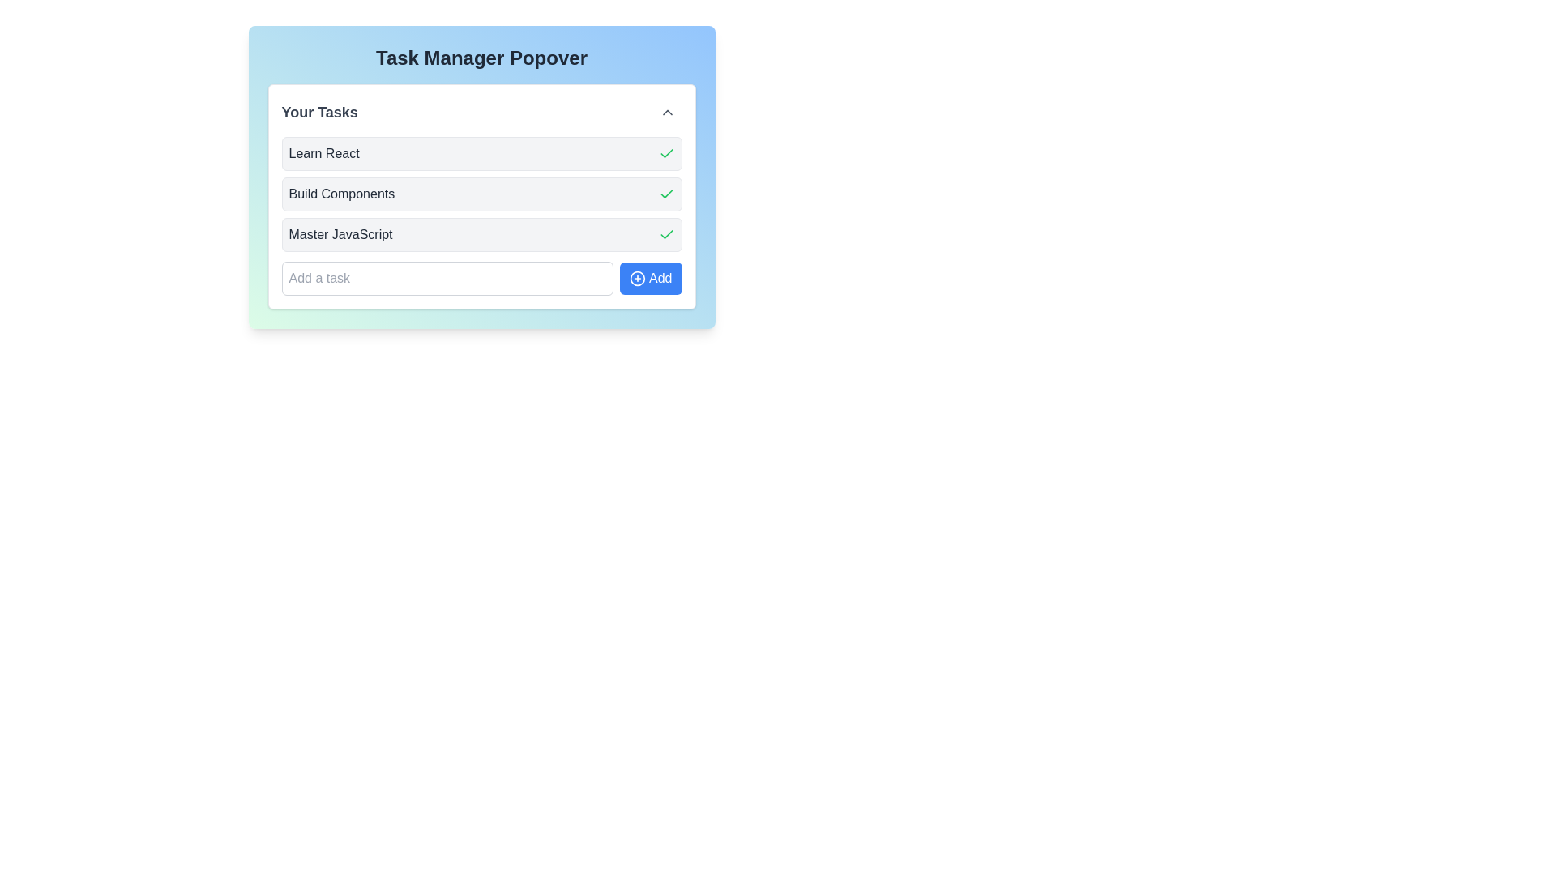  Describe the element at coordinates (481, 215) in the screenshot. I see `the 'Build Components' task item in the vertical list` at that location.